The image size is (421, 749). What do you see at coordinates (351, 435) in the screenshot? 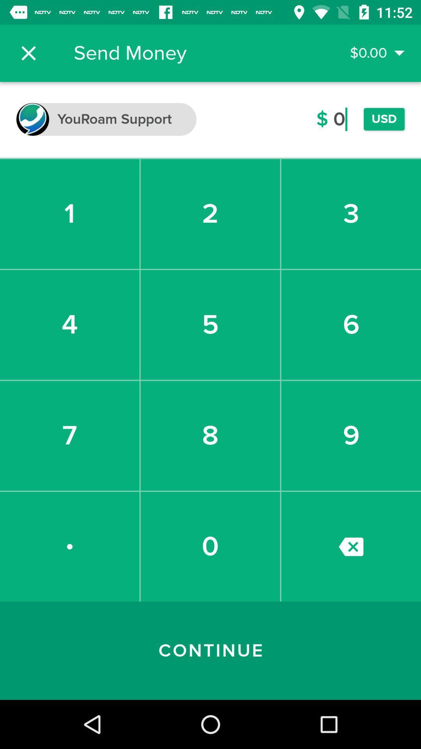
I see `the 9 item` at bounding box center [351, 435].